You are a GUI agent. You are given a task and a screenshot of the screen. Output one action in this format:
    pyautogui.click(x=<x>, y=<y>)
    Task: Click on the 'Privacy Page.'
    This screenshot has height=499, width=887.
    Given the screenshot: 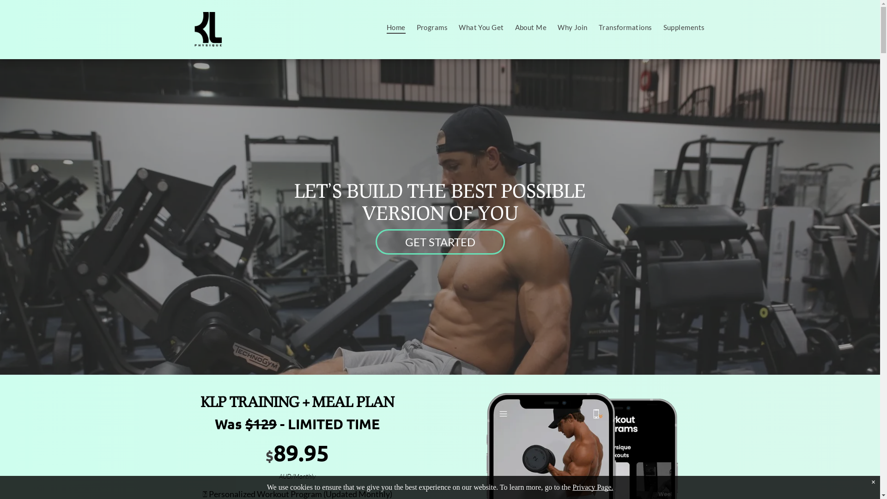 What is the action you would take?
    pyautogui.click(x=592, y=487)
    